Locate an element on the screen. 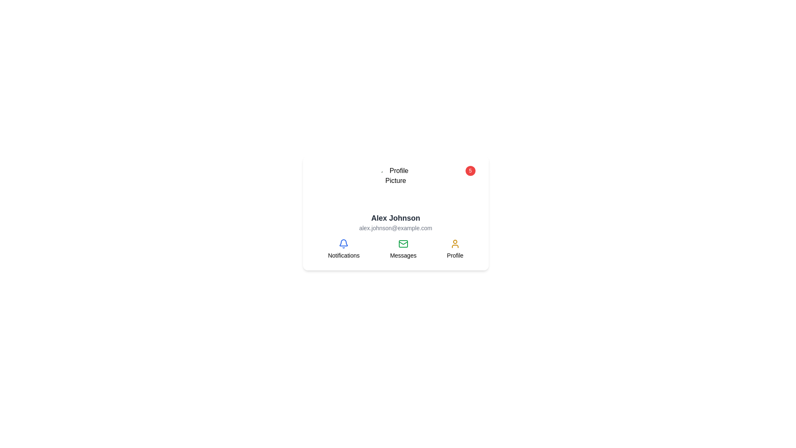 The width and height of the screenshot is (796, 448). the circular profile picture of Alex Johnson, which is a 96x96 pixel image with rounded corners, located centrally above the text is located at coordinates (395, 185).